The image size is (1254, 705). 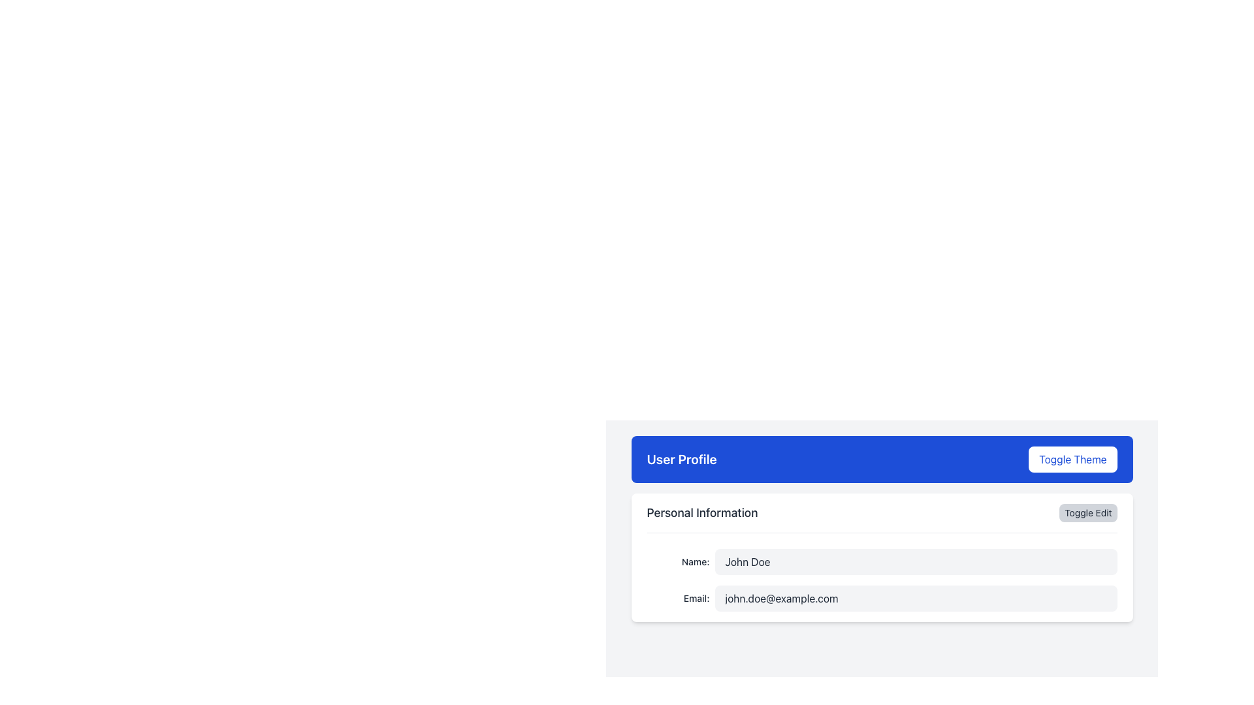 I want to click on the 'Personal Information' text label, which is styled with a bold and slightly larger font and located in the upper-left corner of a section header within a card-like layout, so click(x=701, y=512).